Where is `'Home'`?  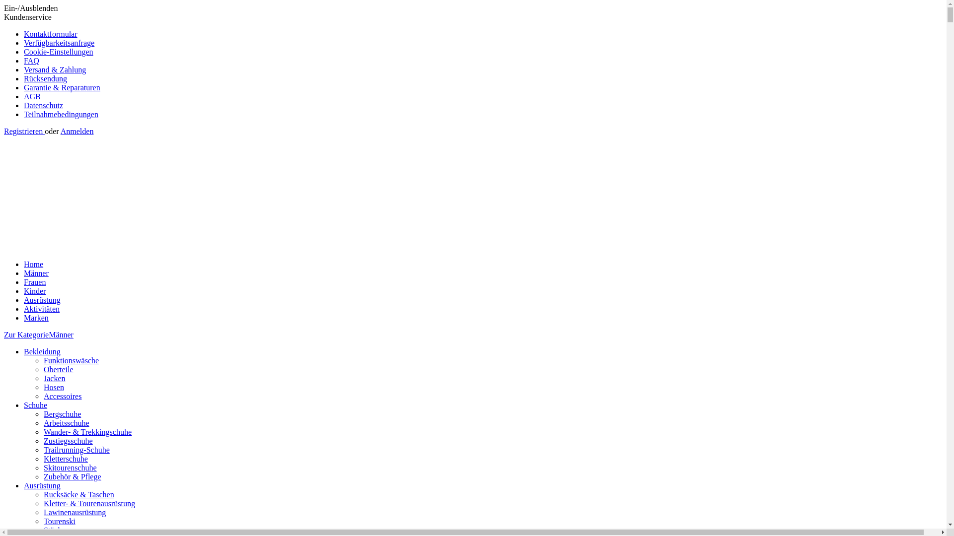
'Home' is located at coordinates (24, 264).